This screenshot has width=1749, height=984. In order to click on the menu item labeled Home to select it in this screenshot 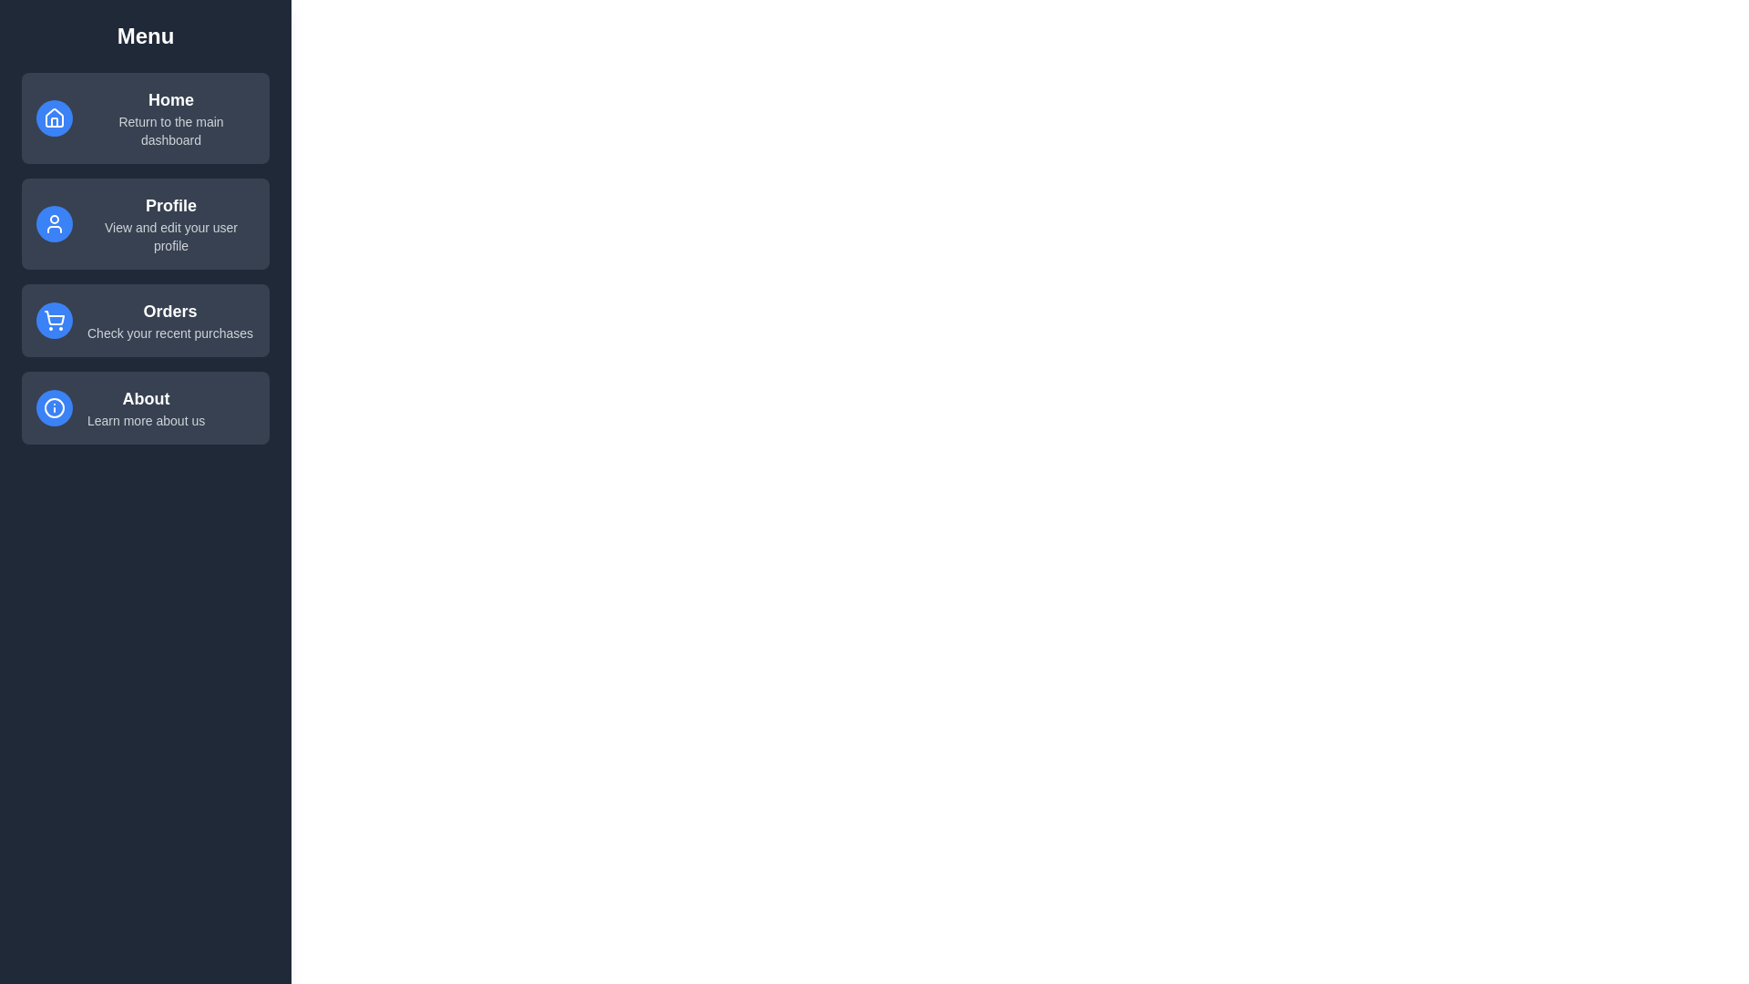, I will do `click(144, 118)`.